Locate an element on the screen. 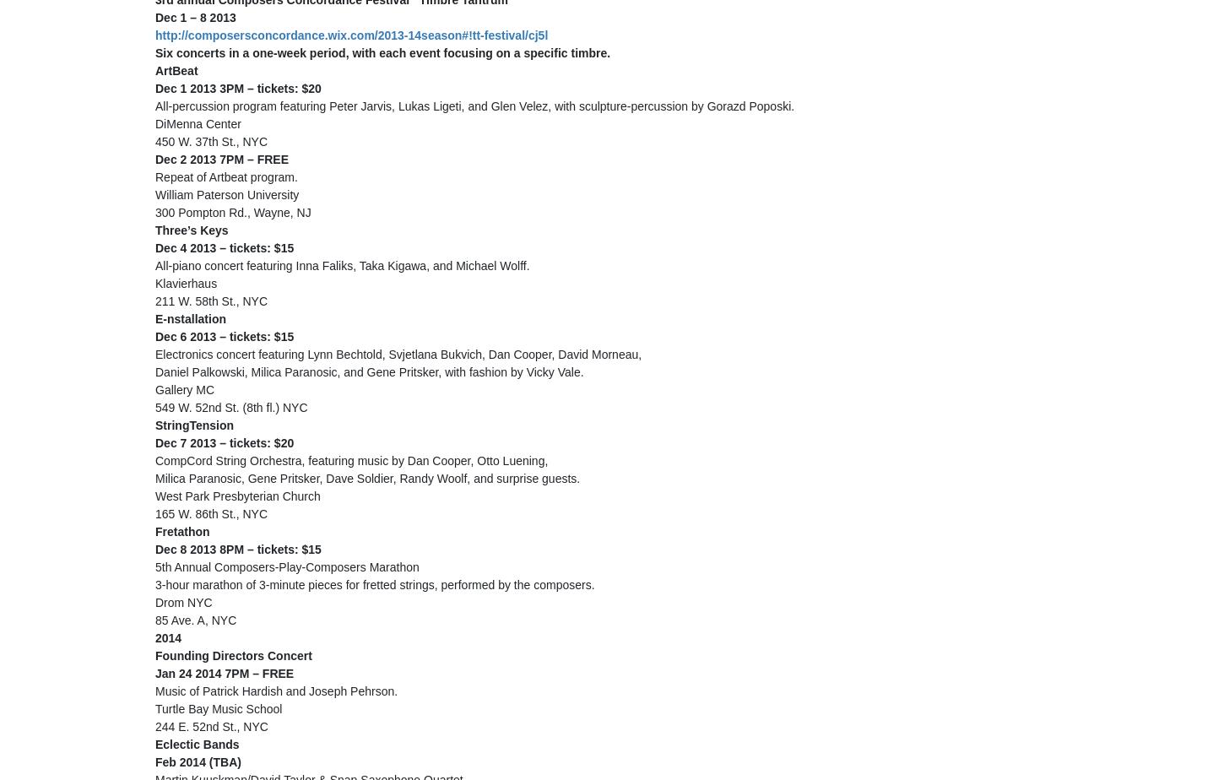 Image resolution: width=1224 pixels, height=780 pixels. 'Dec 7 2013 – tickets: $20' is located at coordinates (154, 443).